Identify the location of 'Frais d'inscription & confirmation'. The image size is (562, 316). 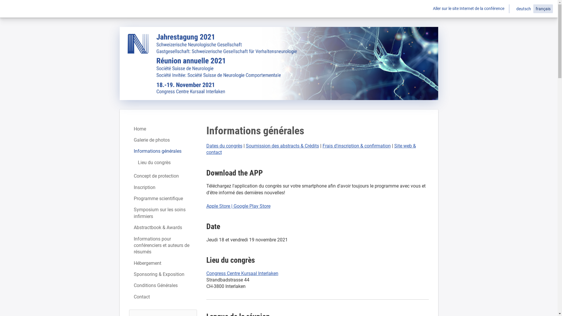
(356, 145).